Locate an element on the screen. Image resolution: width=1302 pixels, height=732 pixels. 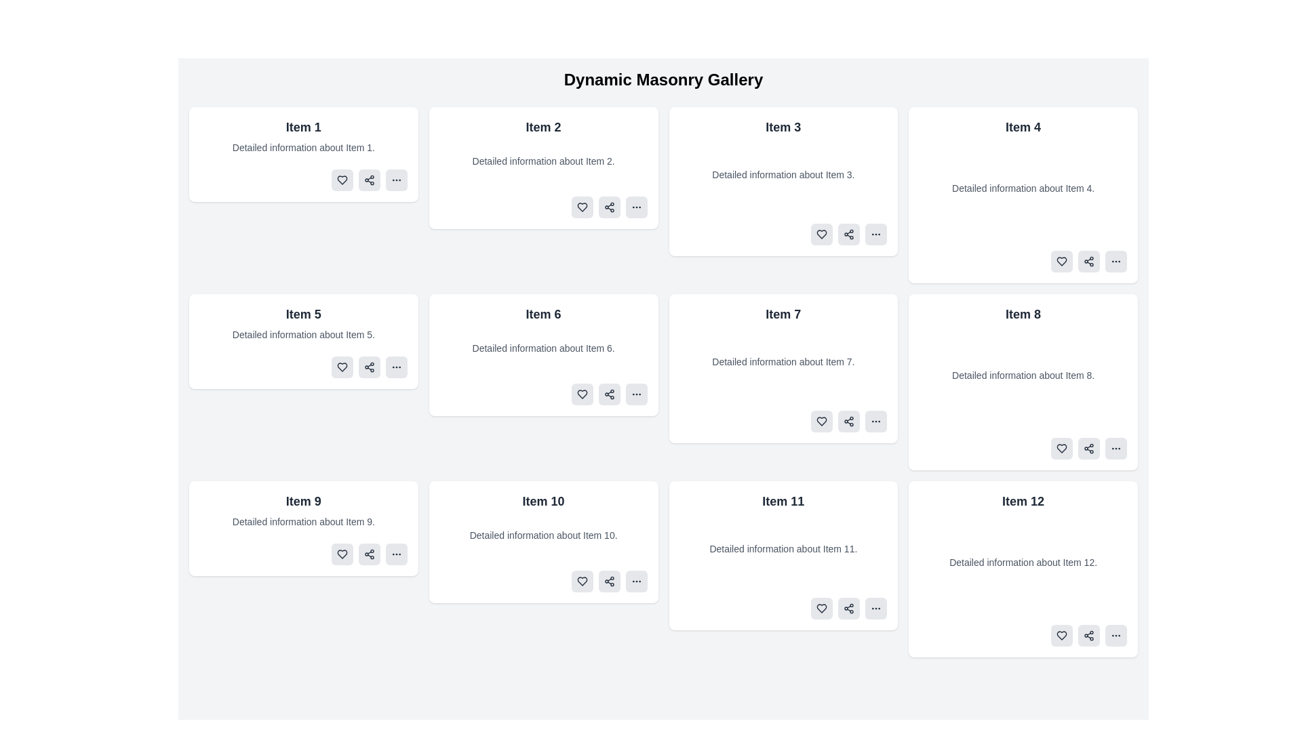
the heart-shaped icon button with a hollow center, styled with a dark outline, located in the action toolbar below the 'Item 4' section is located at coordinates (1061, 261).